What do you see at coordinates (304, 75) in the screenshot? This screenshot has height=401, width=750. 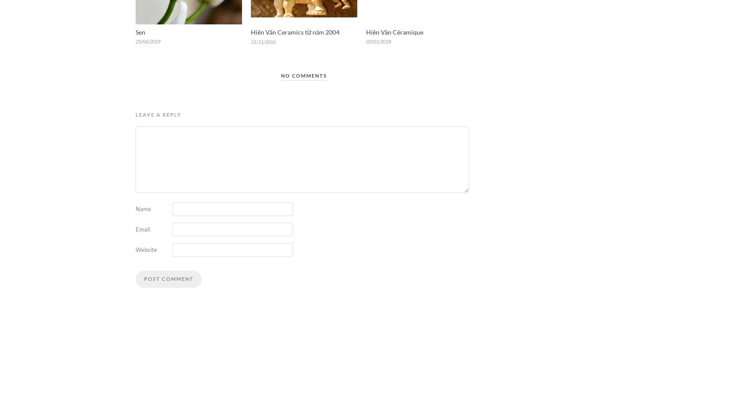 I see `'No Comments'` at bounding box center [304, 75].